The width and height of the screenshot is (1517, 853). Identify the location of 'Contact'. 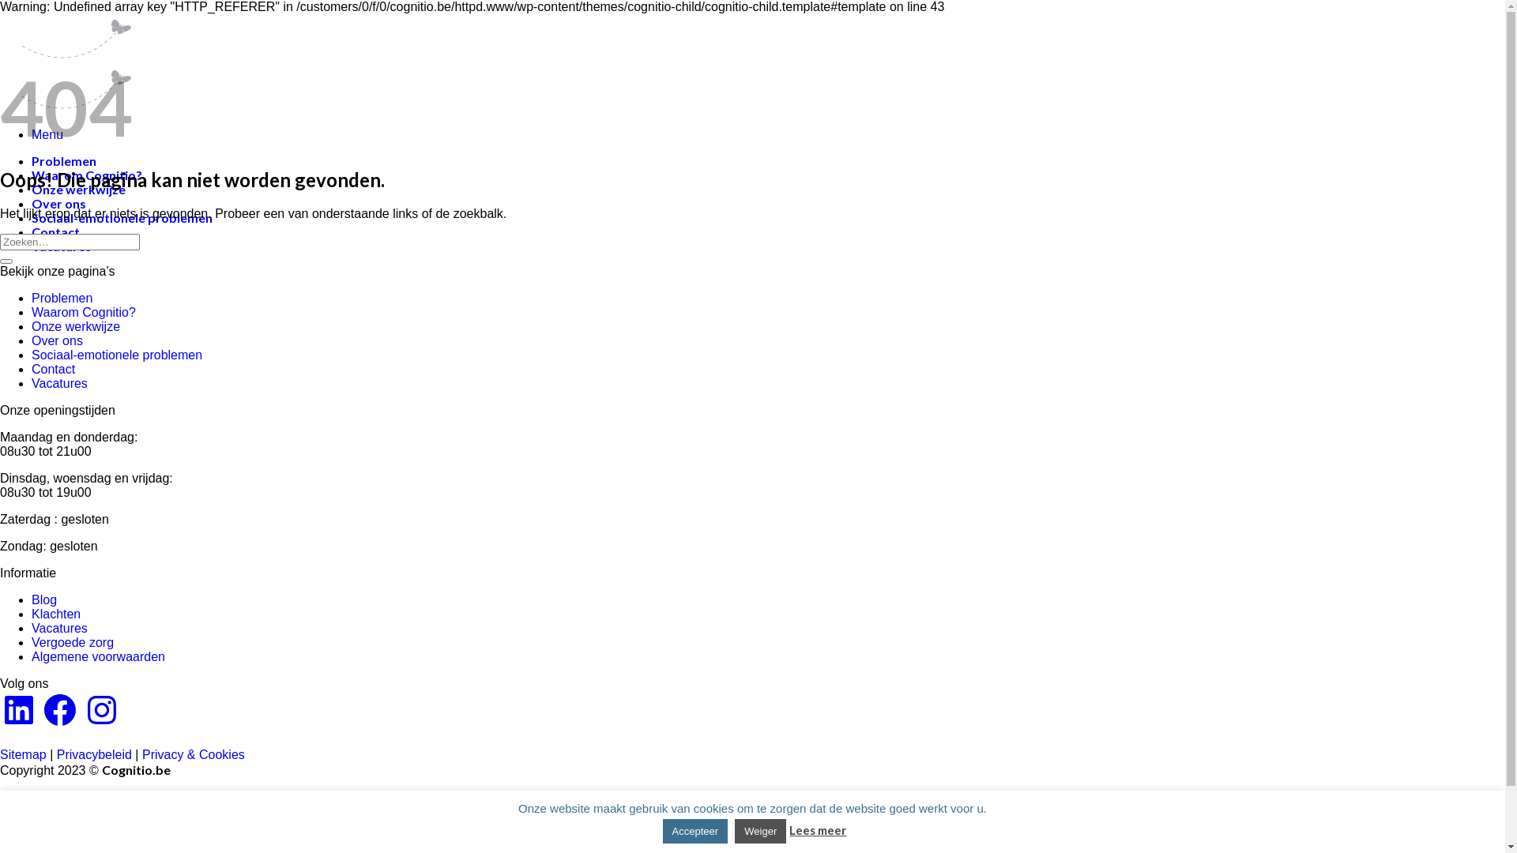
(53, 369).